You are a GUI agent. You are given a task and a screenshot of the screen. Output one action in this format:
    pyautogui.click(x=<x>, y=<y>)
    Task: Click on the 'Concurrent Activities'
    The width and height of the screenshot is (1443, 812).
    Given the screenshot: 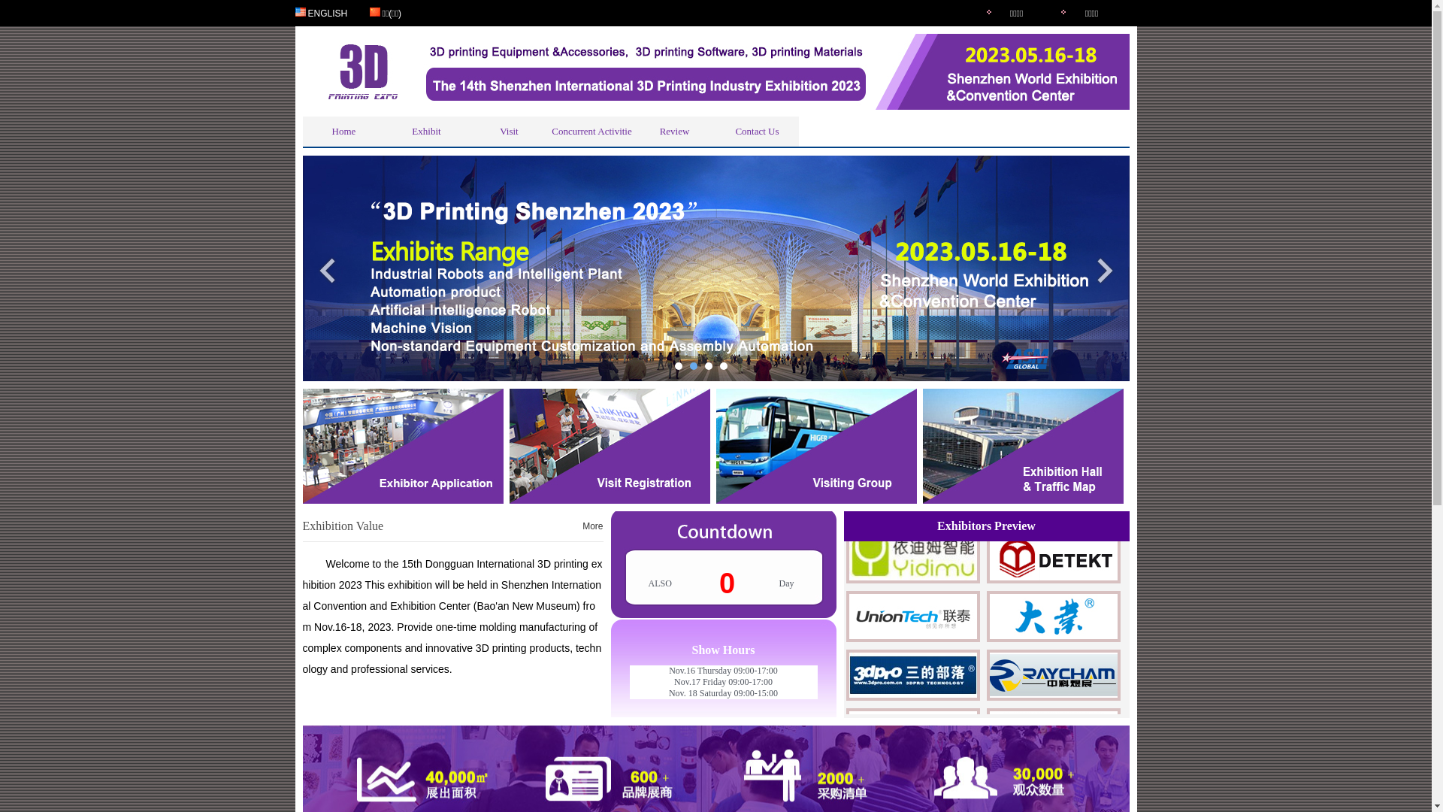 What is the action you would take?
    pyautogui.click(x=591, y=130)
    